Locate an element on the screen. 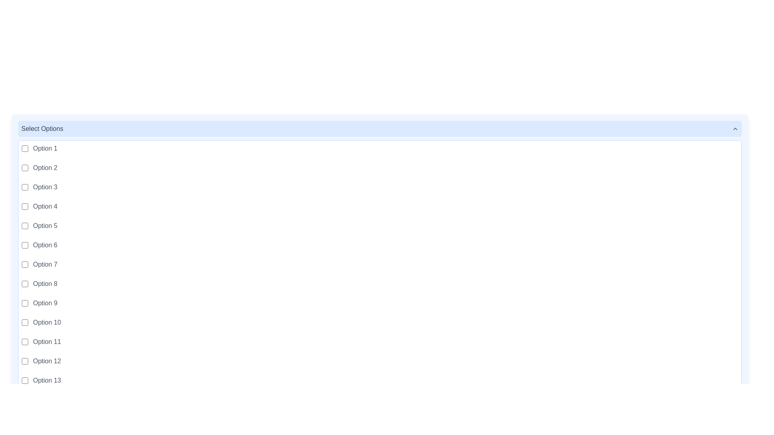  text label displaying 'Option 8', which is right-aligned next to its associated checkbox in the list of options is located at coordinates (45, 284).